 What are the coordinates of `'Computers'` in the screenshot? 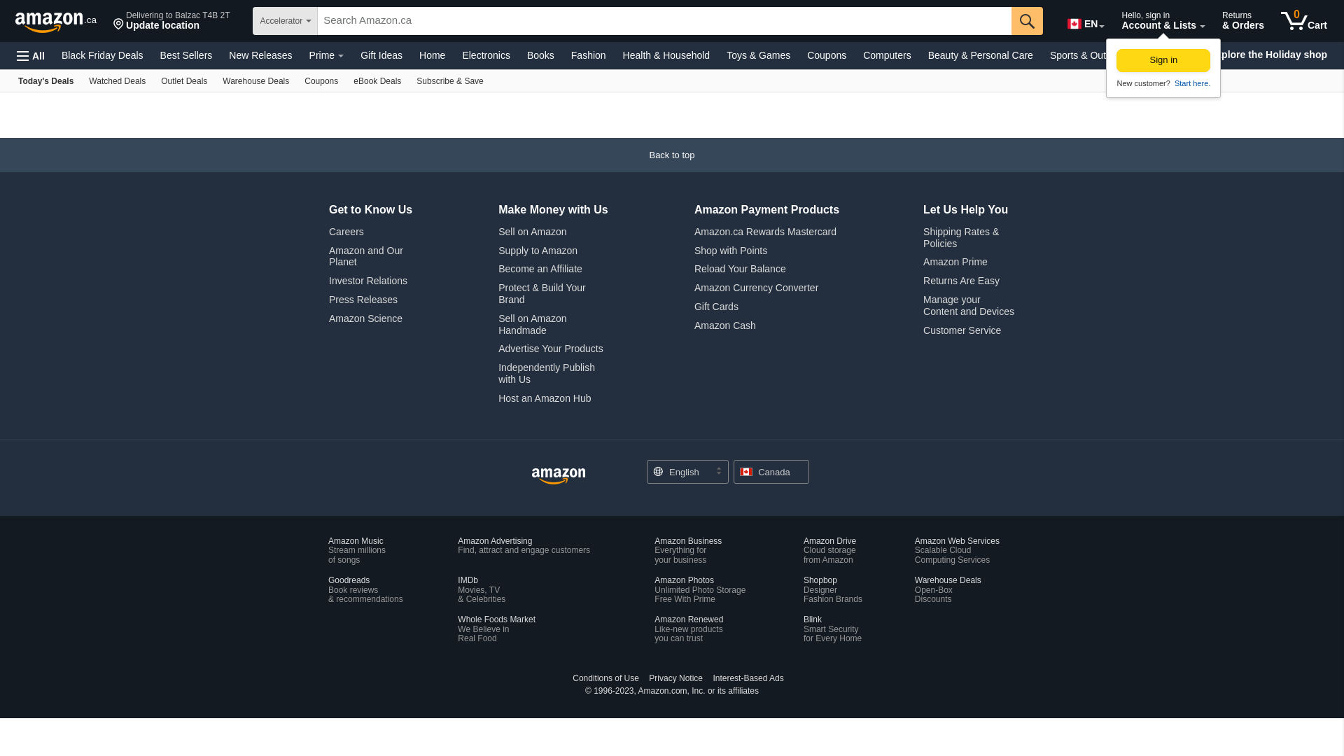 It's located at (886, 54).